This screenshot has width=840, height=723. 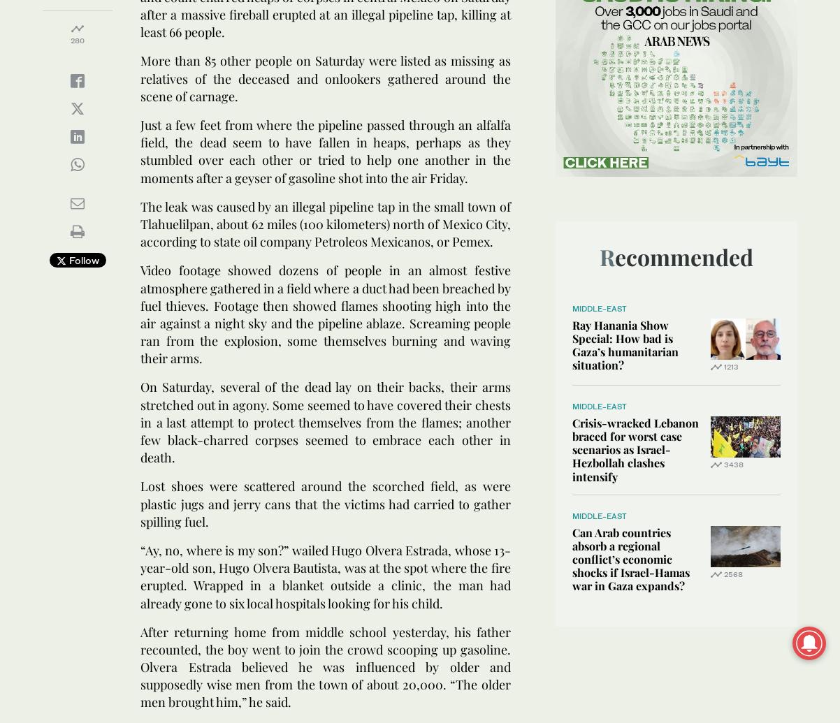 I want to click on 'More than 85 other people on Saturday were listed as missing as relatives of the deceased and onlookers gathered around the scene of carnage.', so click(x=325, y=78).